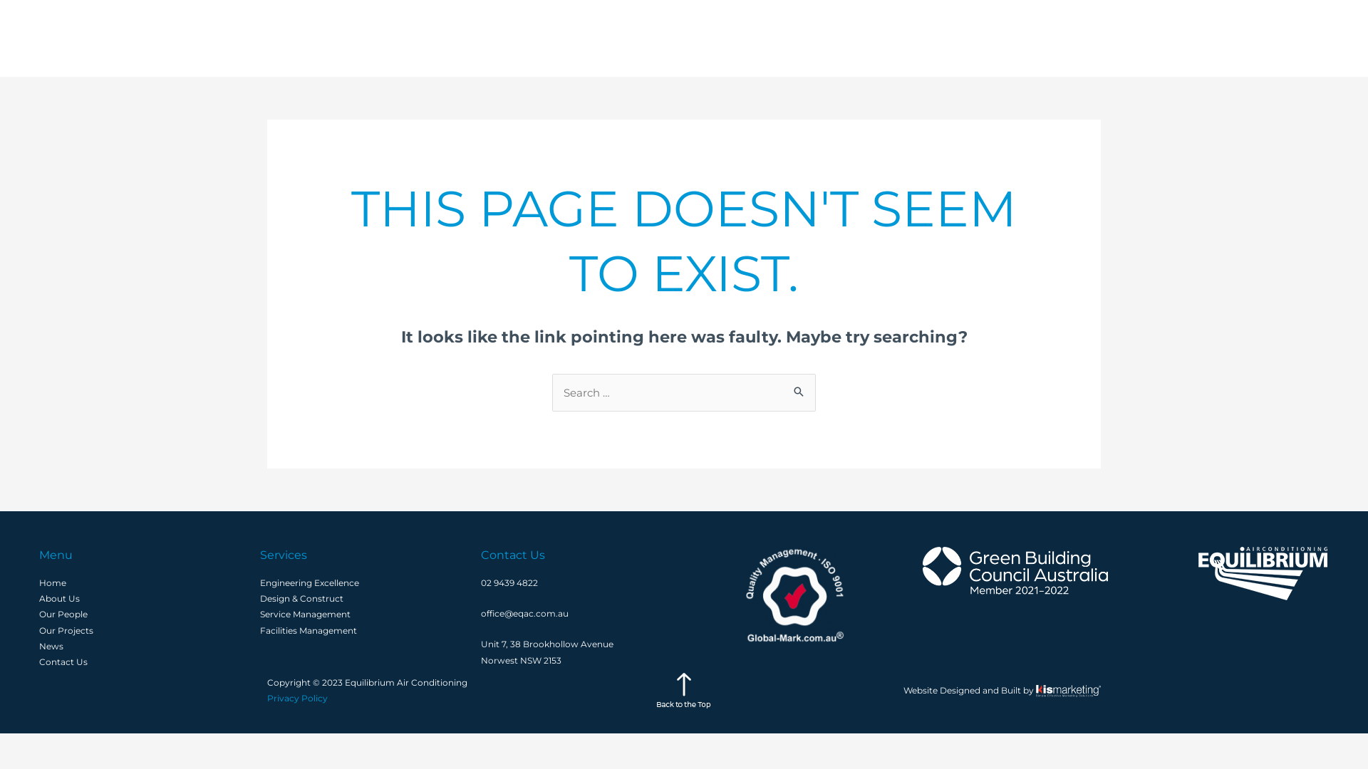  What do you see at coordinates (38, 598) in the screenshot?
I see `'About Us'` at bounding box center [38, 598].